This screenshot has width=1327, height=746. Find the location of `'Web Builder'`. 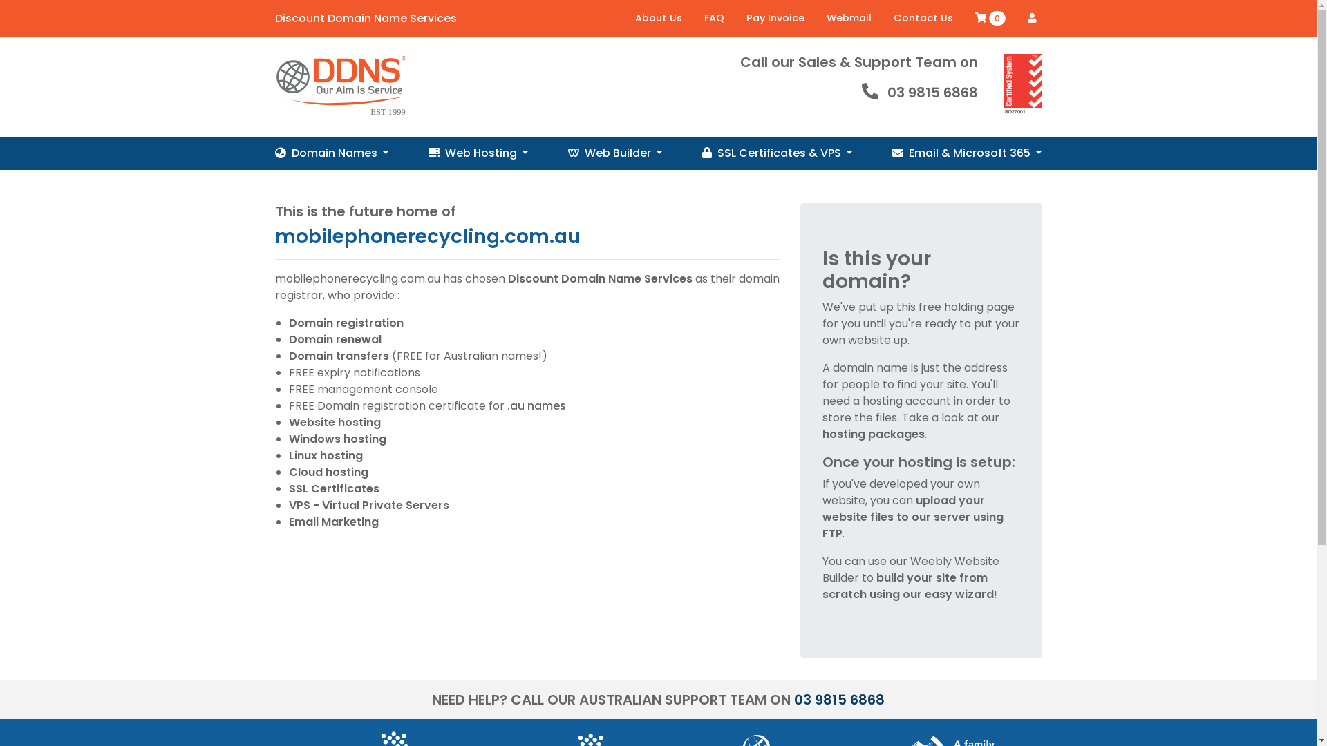

'Web Builder' is located at coordinates (614, 153).